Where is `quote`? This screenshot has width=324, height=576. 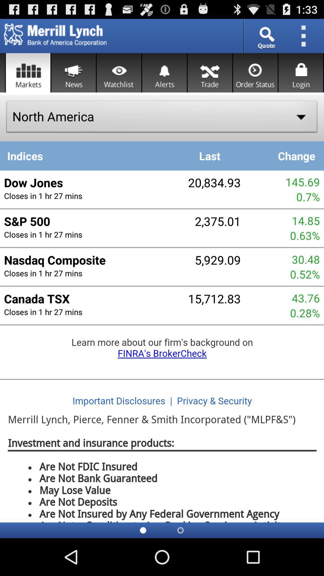
quote is located at coordinates (265, 36).